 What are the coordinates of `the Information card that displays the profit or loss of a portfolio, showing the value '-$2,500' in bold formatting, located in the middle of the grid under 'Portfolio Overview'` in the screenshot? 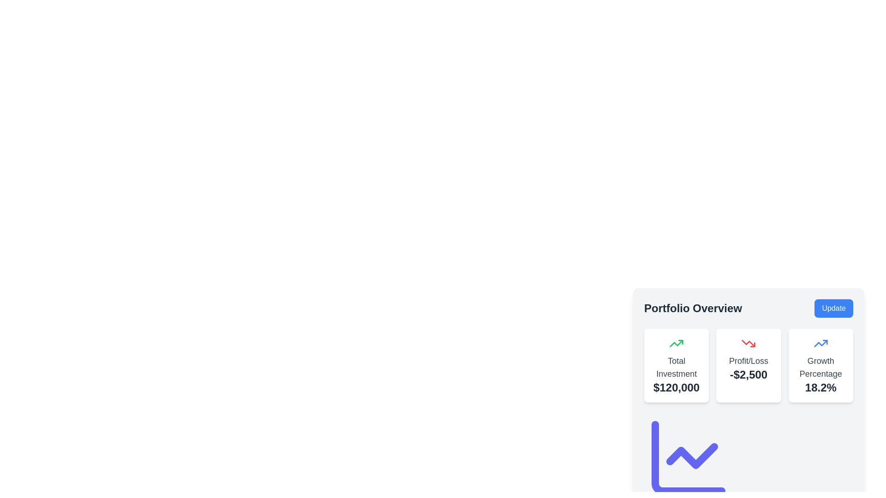 It's located at (748, 365).